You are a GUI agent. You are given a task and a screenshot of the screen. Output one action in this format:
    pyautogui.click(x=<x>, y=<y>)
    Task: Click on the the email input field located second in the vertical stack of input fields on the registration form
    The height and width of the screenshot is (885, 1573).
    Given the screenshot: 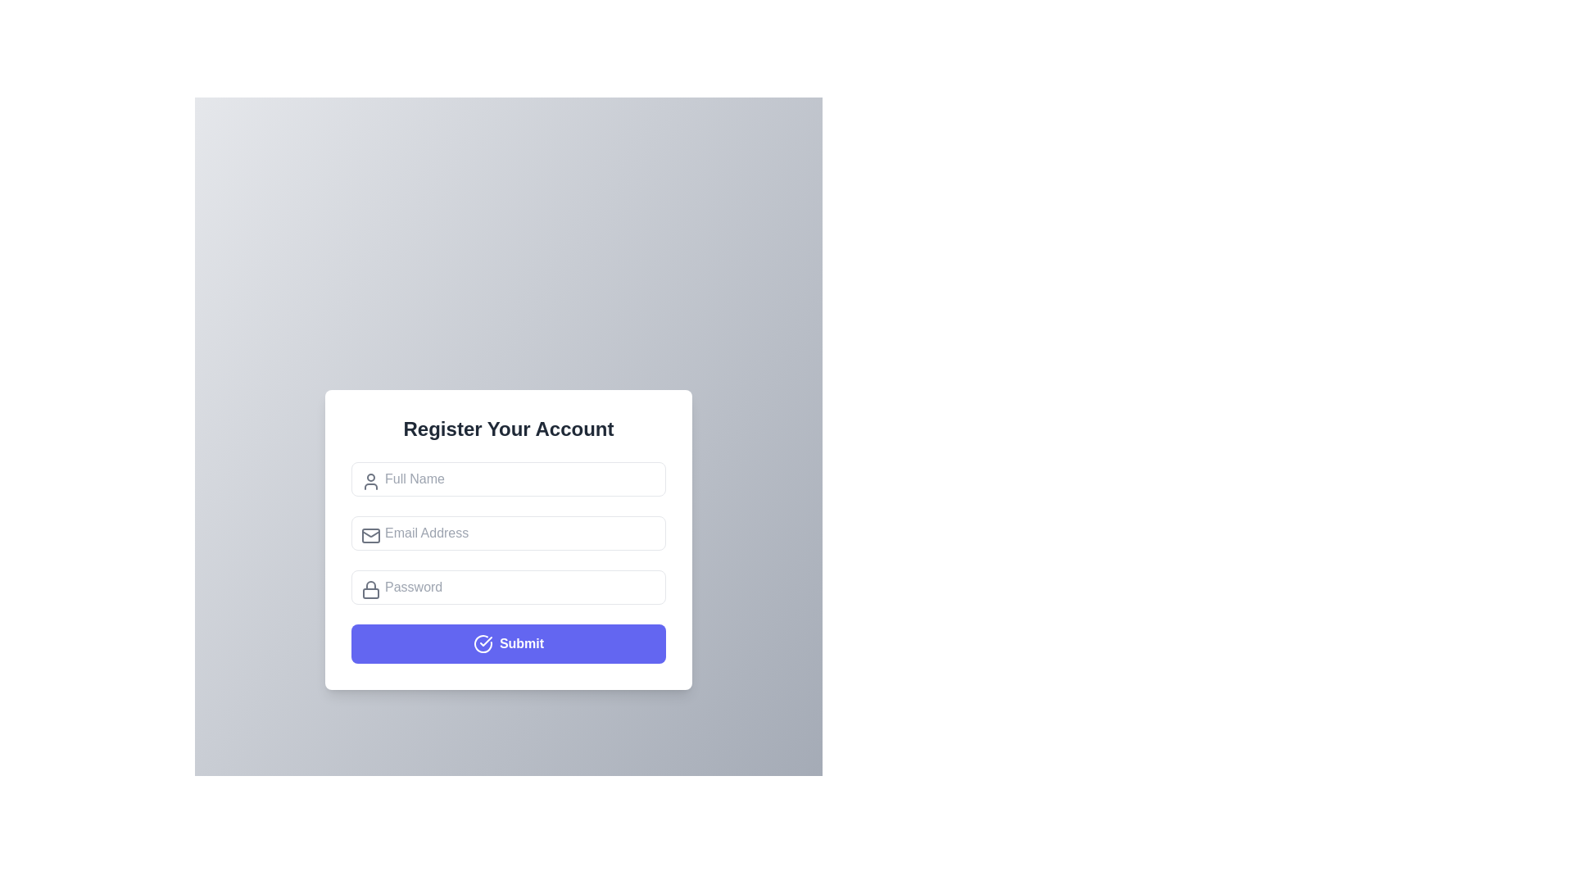 What is the action you would take?
    pyautogui.click(x=507, y=533)
    